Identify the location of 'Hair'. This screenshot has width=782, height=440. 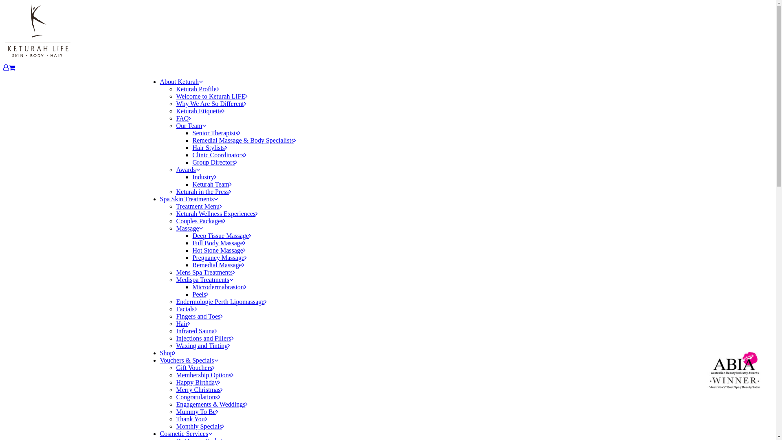
(182, 323).